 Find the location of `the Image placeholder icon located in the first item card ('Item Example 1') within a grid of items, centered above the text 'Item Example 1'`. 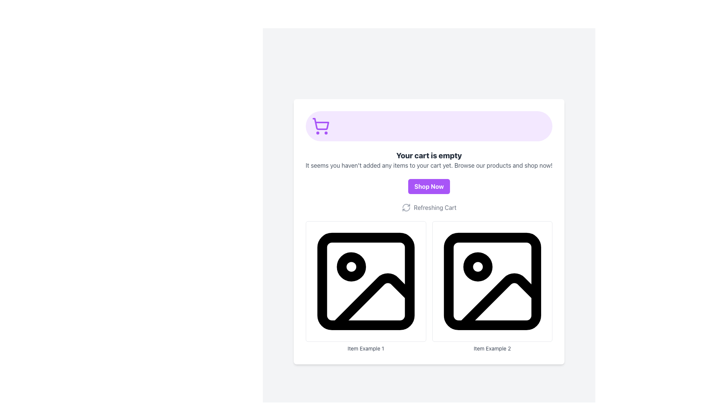

the Image placeholder icon located in the first item card ('Item Example 1') within a grid of items, centered above the text 'Item Example 1' is located at coordinates (366, 282).